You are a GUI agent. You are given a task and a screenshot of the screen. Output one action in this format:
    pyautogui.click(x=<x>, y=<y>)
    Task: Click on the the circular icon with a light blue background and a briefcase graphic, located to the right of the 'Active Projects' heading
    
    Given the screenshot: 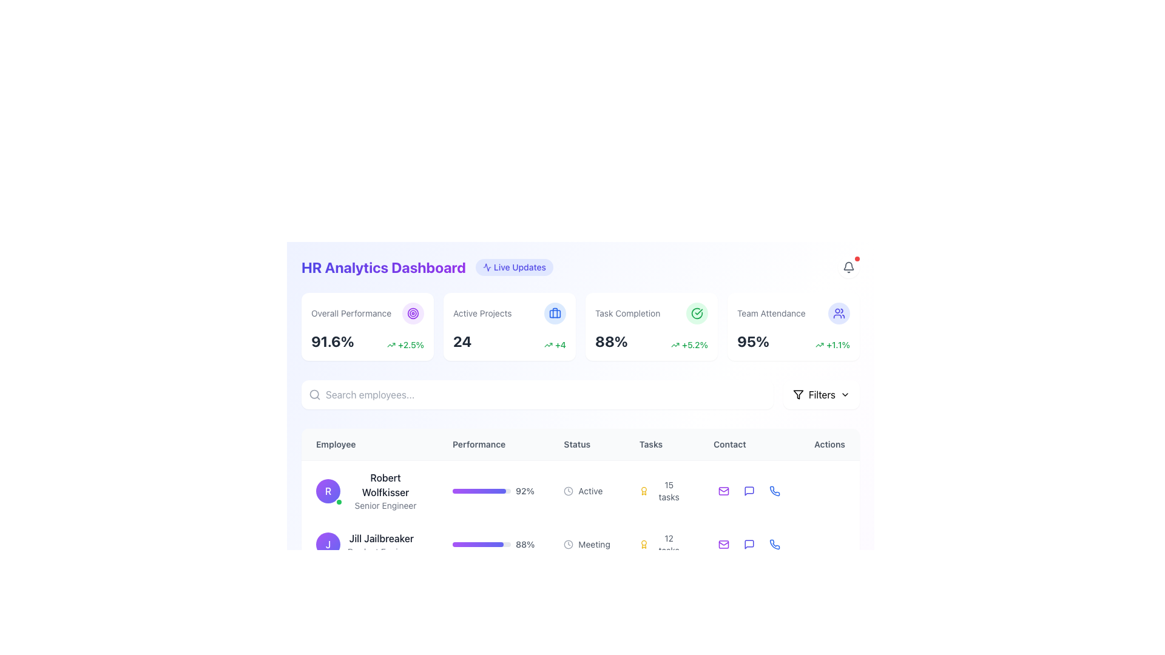 What is the action you would take?
    pyautogui.click(x=555, y=312)
    